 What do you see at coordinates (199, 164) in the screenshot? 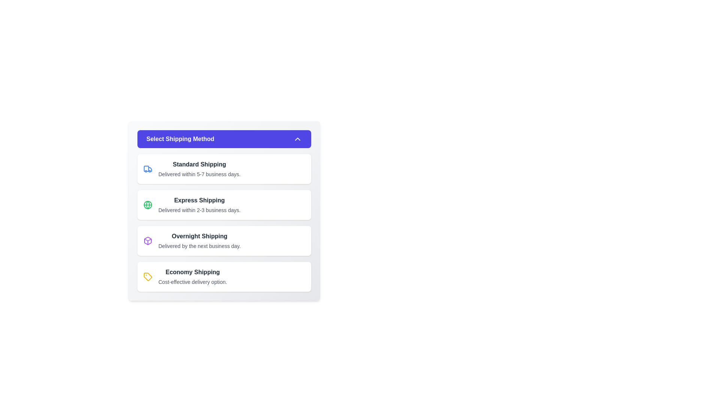
I see `bold text label reading 'Standard Shipping', which is styled in dark gray and located at the top-left of the shipping options section` at bounding box center [199, 164].